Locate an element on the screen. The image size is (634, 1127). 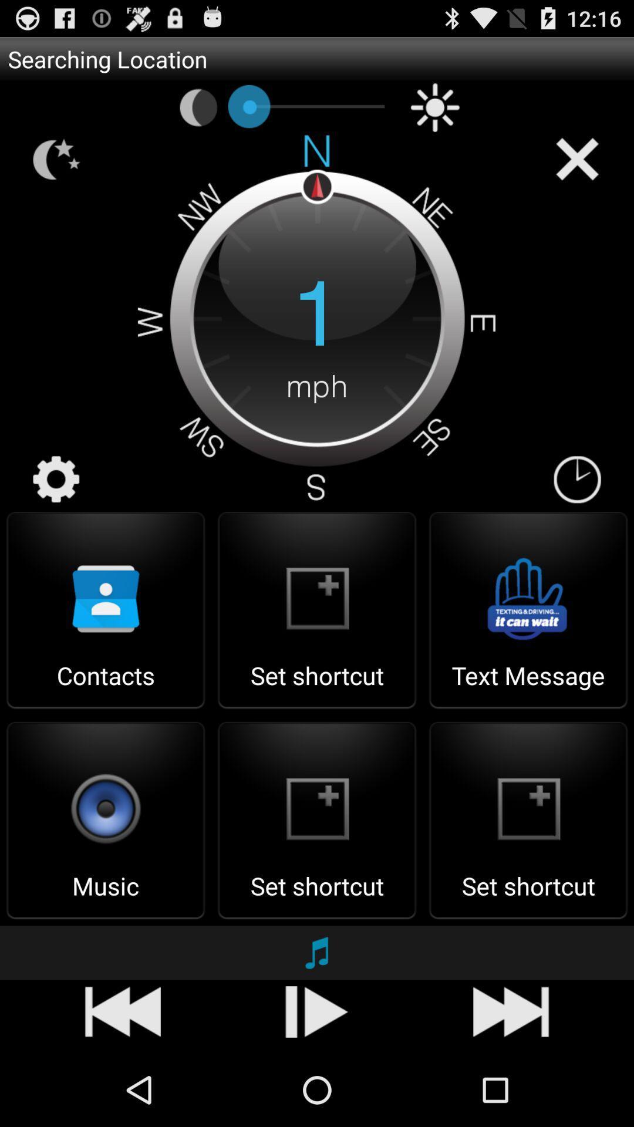
set shortcut is located at coordinates (317, 687).